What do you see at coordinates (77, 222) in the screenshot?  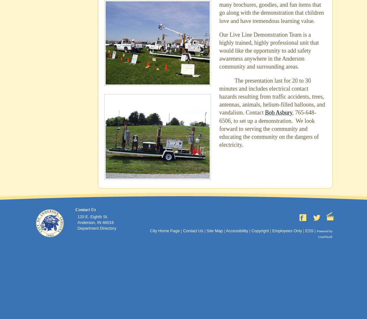 I see `'Anderson, IN 46016'` at bounding box center [77, 222].